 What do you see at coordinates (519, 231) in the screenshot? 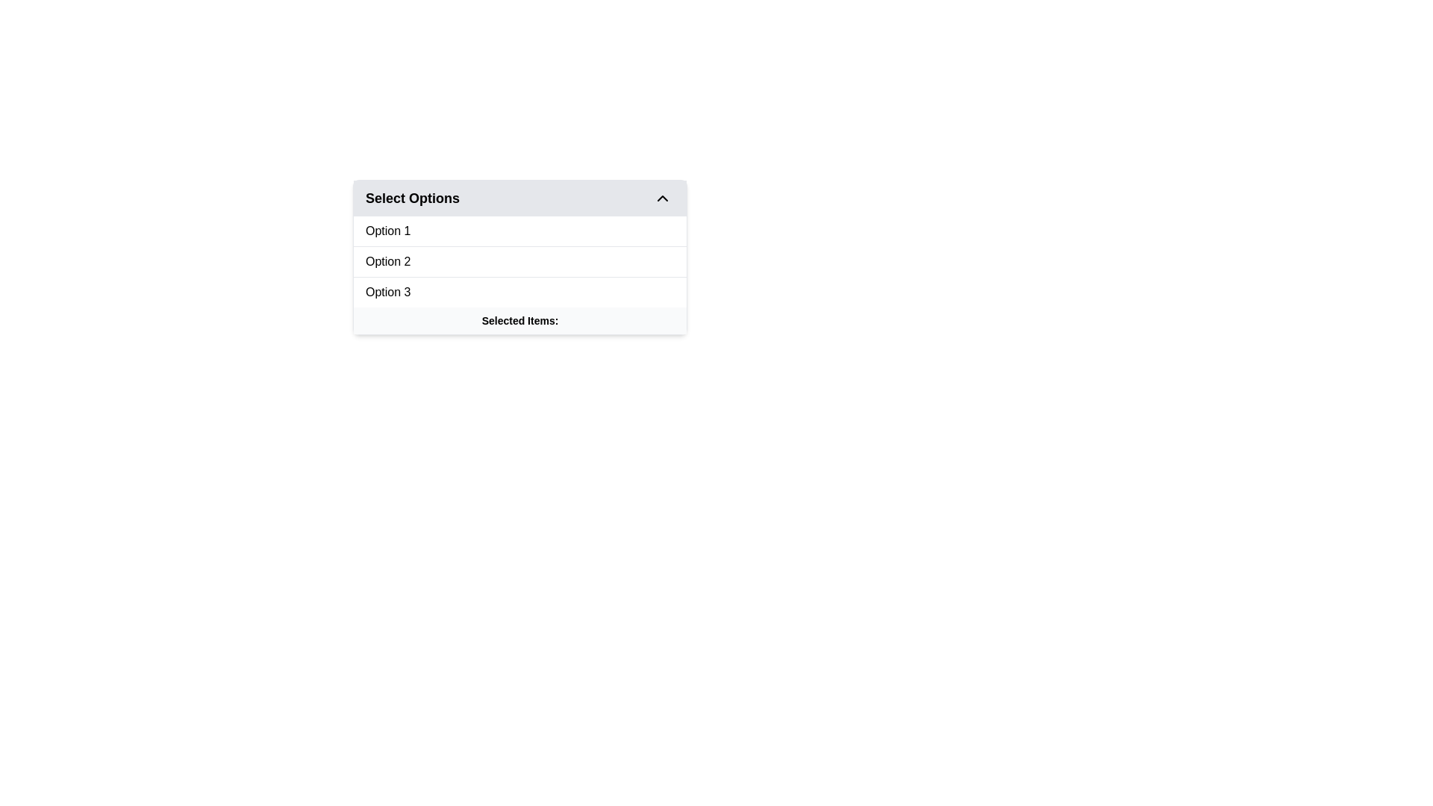
I see `the first option 'Option 1' in the dropdown menu` at bounding box center [519, 231].